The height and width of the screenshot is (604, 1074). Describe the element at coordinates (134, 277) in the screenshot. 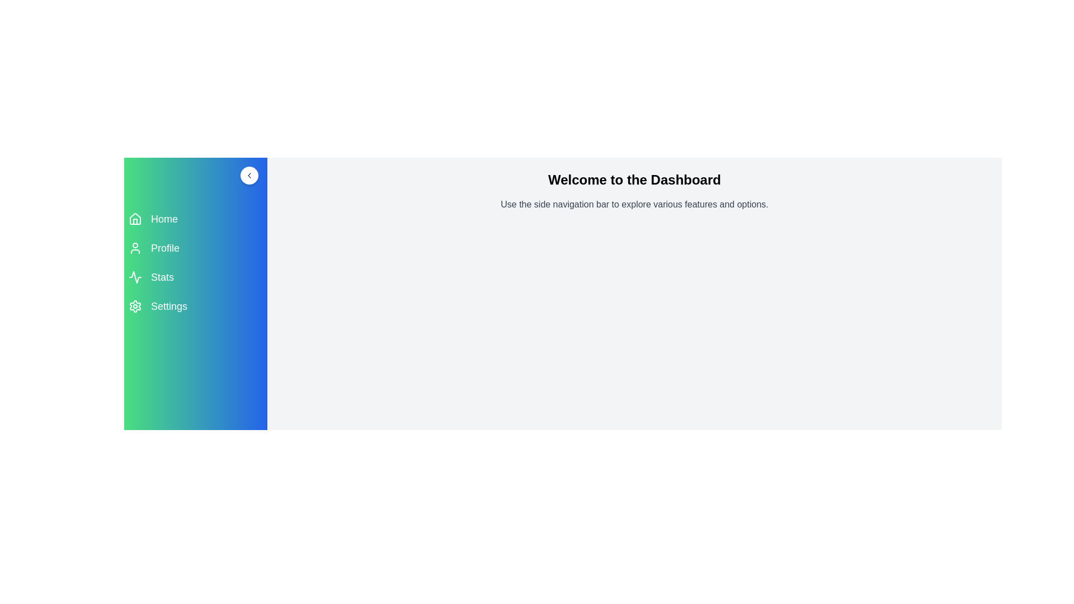

I see `the green activity or heartbeat graph icon in the left sidebar navigation menu` at that location.